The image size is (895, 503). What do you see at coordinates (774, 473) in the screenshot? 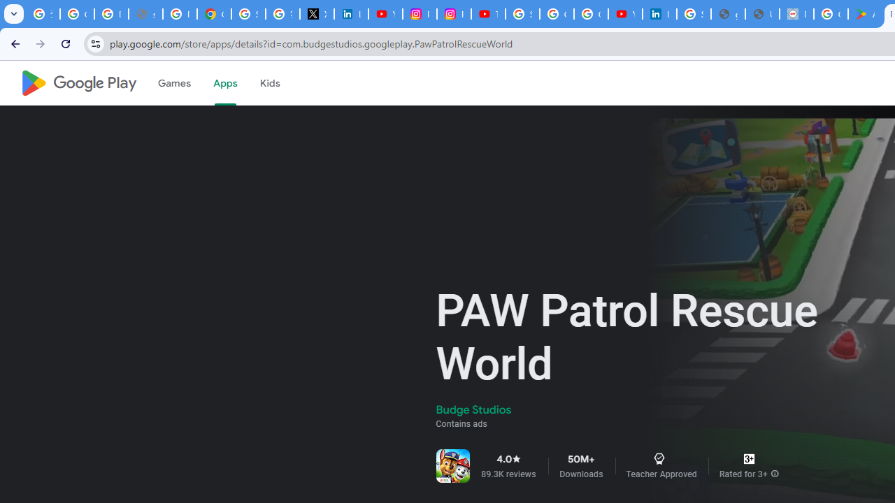
I see `'More info about this content rating'` at bounding box center [774, 473].